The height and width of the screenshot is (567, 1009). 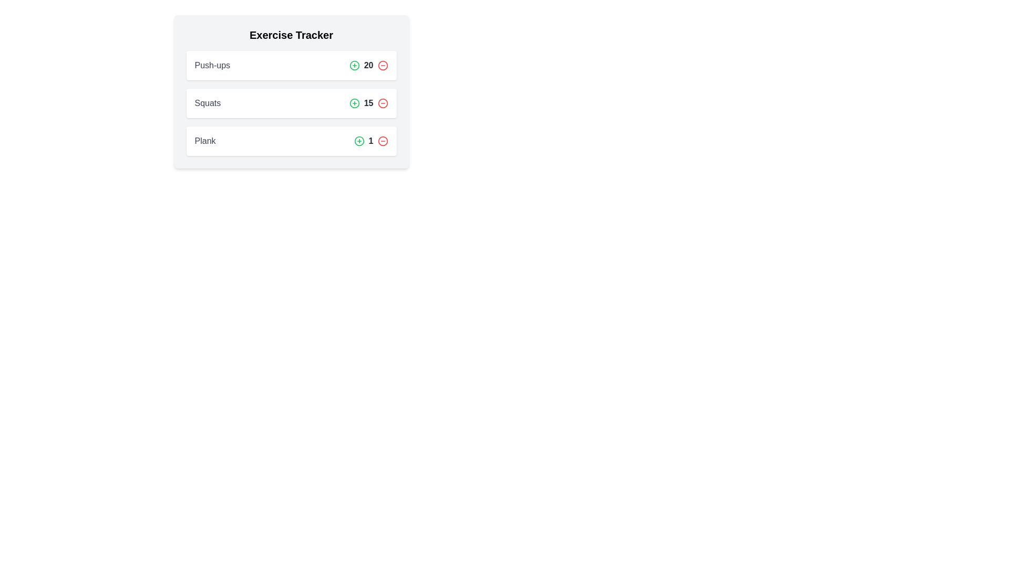 I want to click on the exercise item Plank, so click(x=291, y=141).